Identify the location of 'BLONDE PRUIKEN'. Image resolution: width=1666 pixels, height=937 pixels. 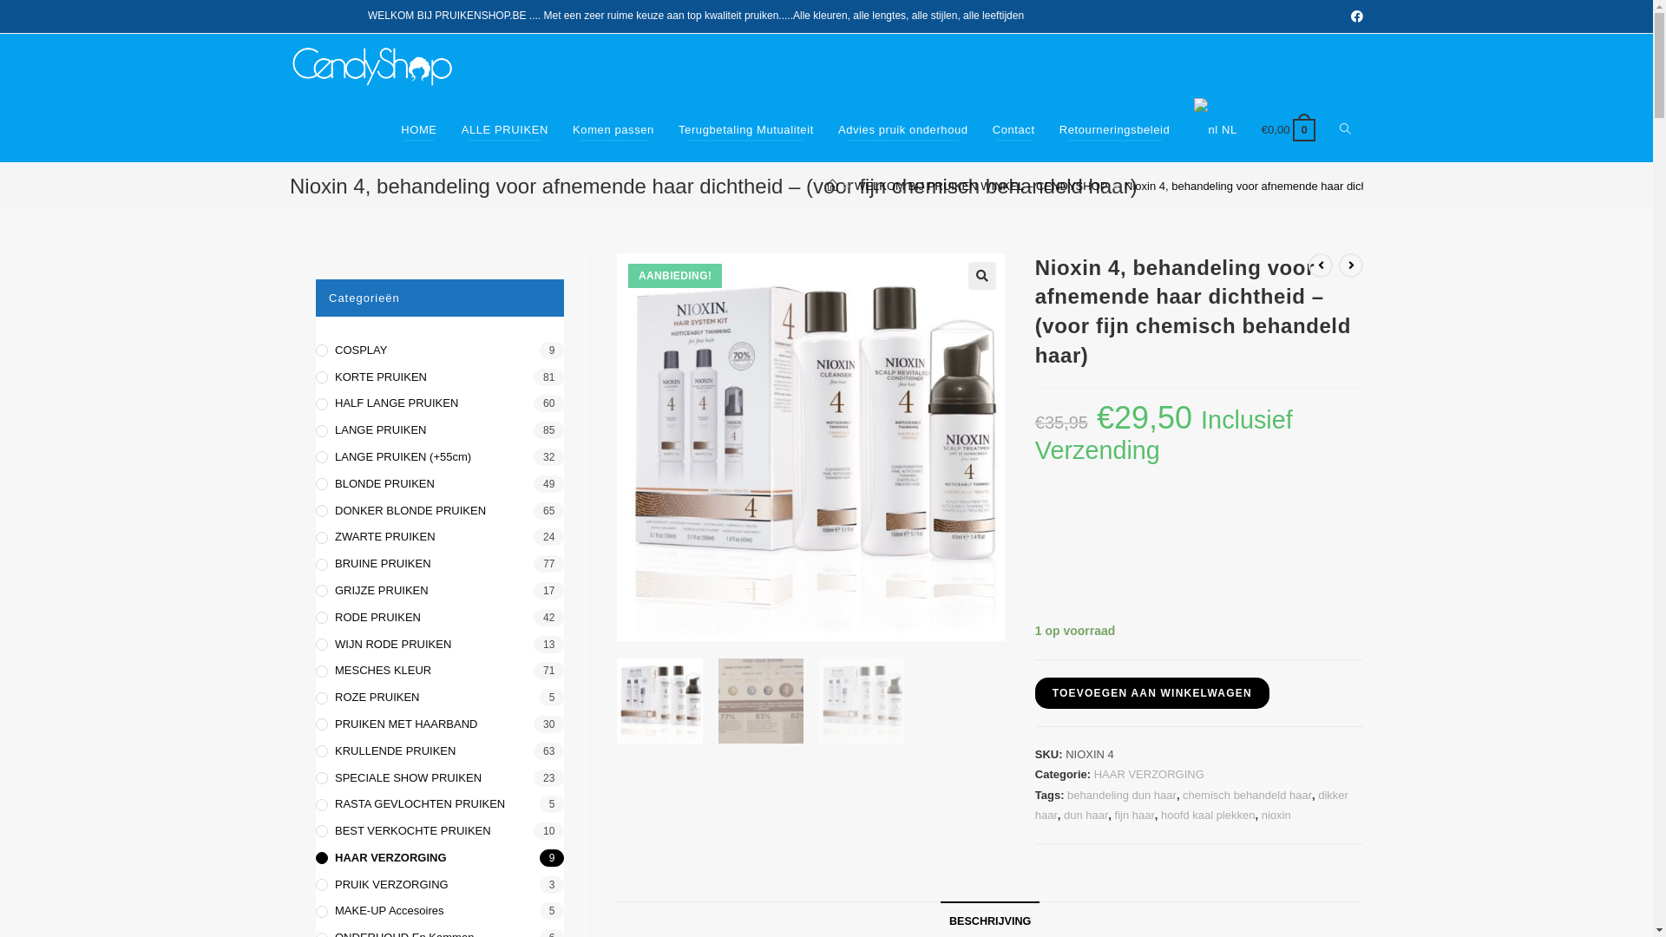
(316, 484).